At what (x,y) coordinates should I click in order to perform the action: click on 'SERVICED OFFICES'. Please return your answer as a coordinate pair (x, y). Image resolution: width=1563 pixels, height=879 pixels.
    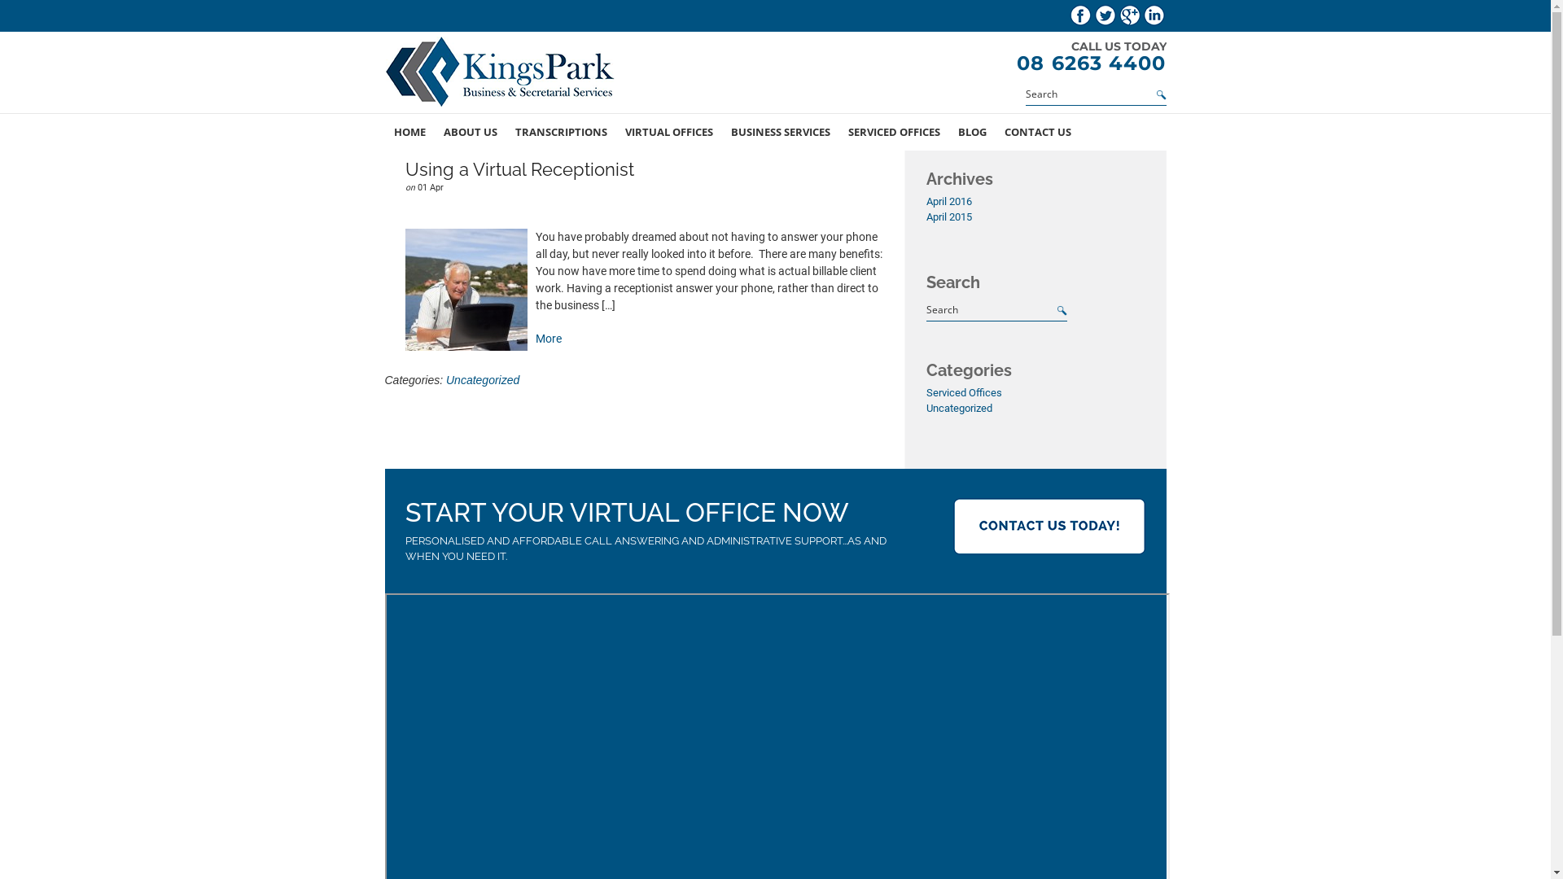
    Looking at the image, I should click on (892, 131).